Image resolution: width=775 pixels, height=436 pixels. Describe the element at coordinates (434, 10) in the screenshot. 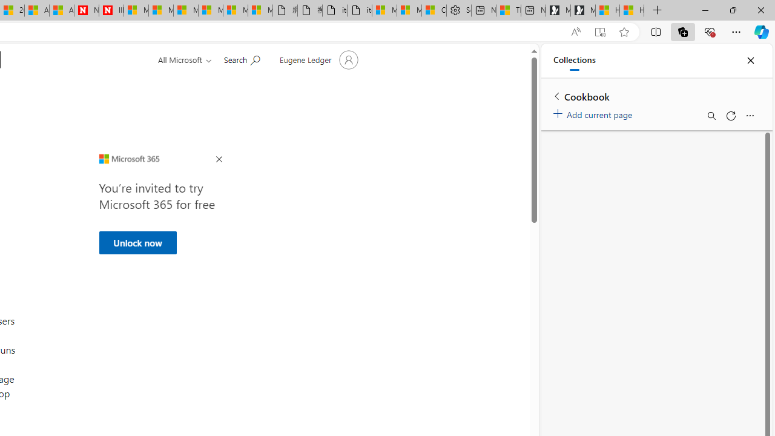

I see `'Consumer Health Data Privacy Policy'` at that location.